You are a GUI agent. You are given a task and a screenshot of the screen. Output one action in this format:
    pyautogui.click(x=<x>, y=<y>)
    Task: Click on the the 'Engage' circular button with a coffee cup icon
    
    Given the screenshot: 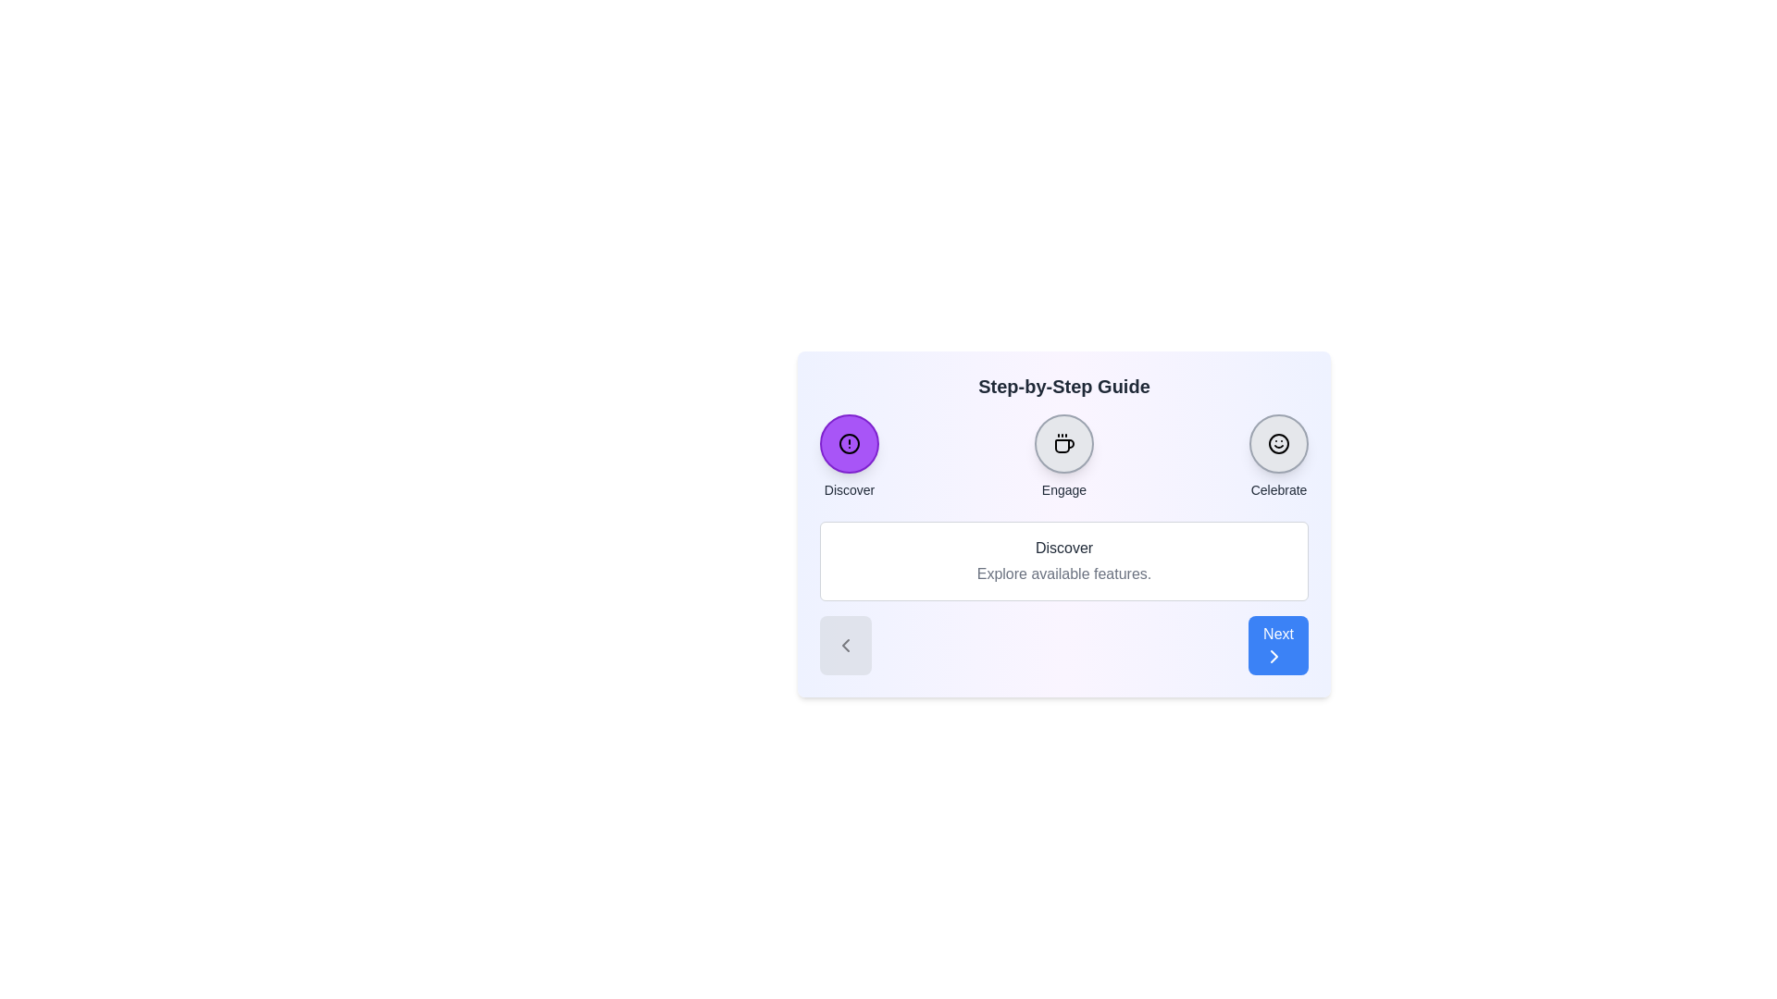 What is the action you would take?
    pyautogui.click(x=1064, y=443)
    